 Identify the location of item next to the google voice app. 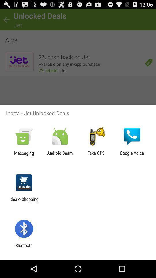
(96, 155).